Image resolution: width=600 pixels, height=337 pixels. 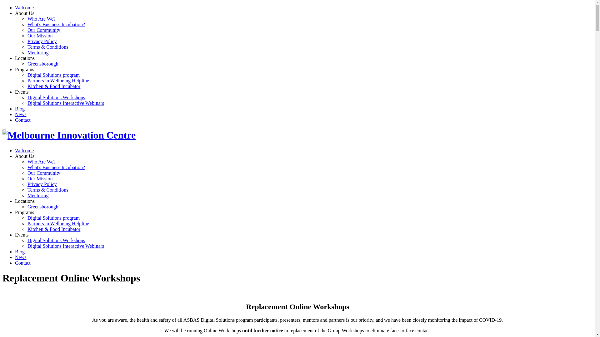 What do you see at coordinates (54, 229) in the screenshot?
I see `'Kitchen & Food Incubator'` at bounding box center [54, 229].